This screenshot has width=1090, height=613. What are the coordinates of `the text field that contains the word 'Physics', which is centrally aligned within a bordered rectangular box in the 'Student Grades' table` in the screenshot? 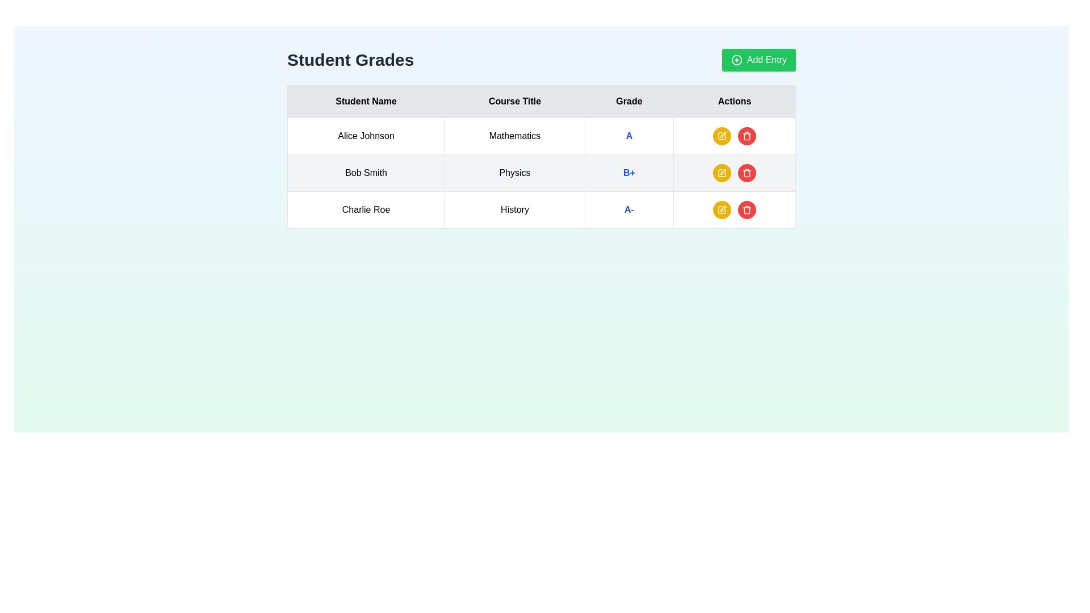 It's located at (514, 173).